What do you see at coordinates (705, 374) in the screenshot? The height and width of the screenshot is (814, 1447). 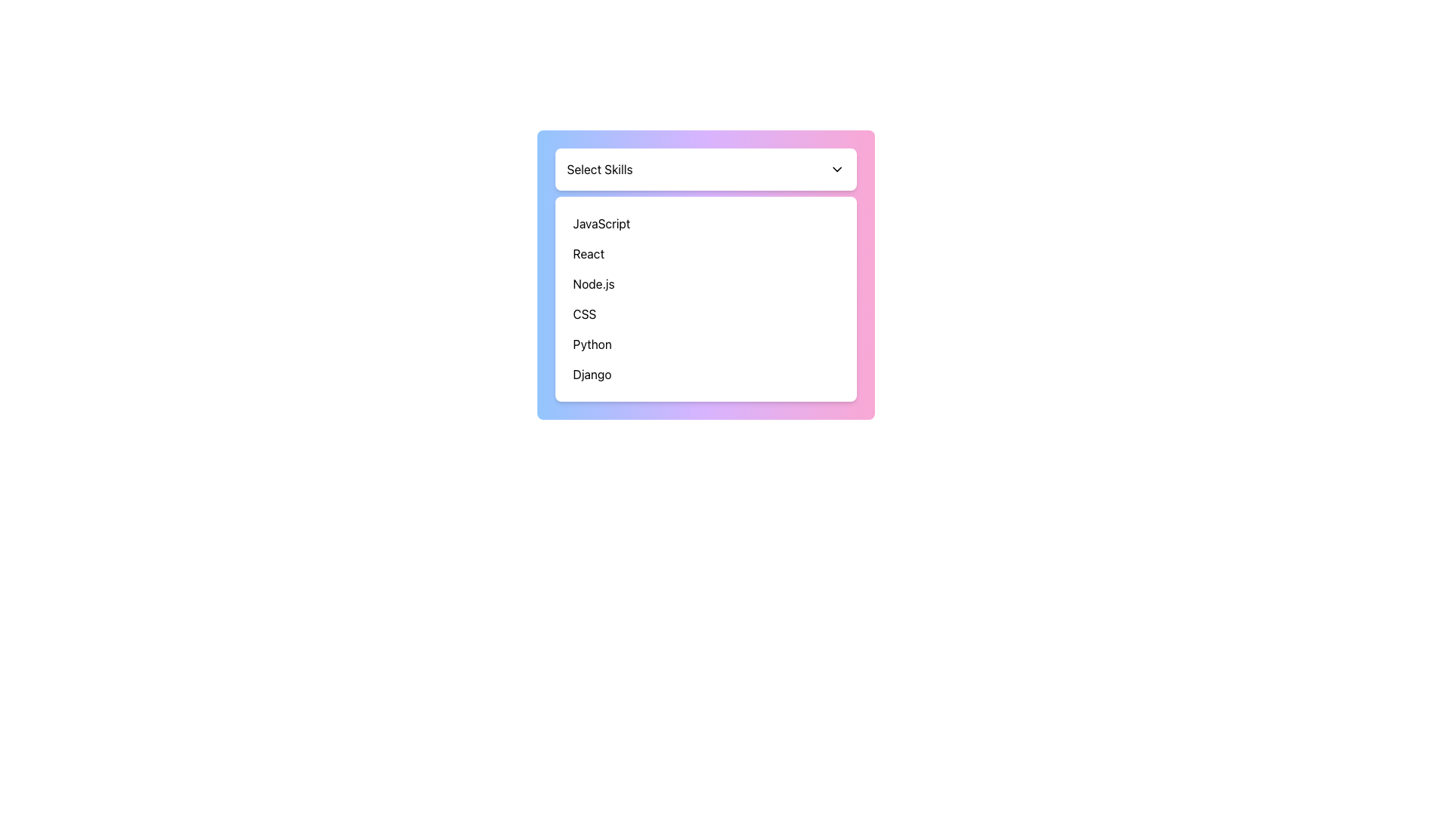 I see `the last item in the dropdown menu titled 'Select Skills'` at bounding box center [705, 374].